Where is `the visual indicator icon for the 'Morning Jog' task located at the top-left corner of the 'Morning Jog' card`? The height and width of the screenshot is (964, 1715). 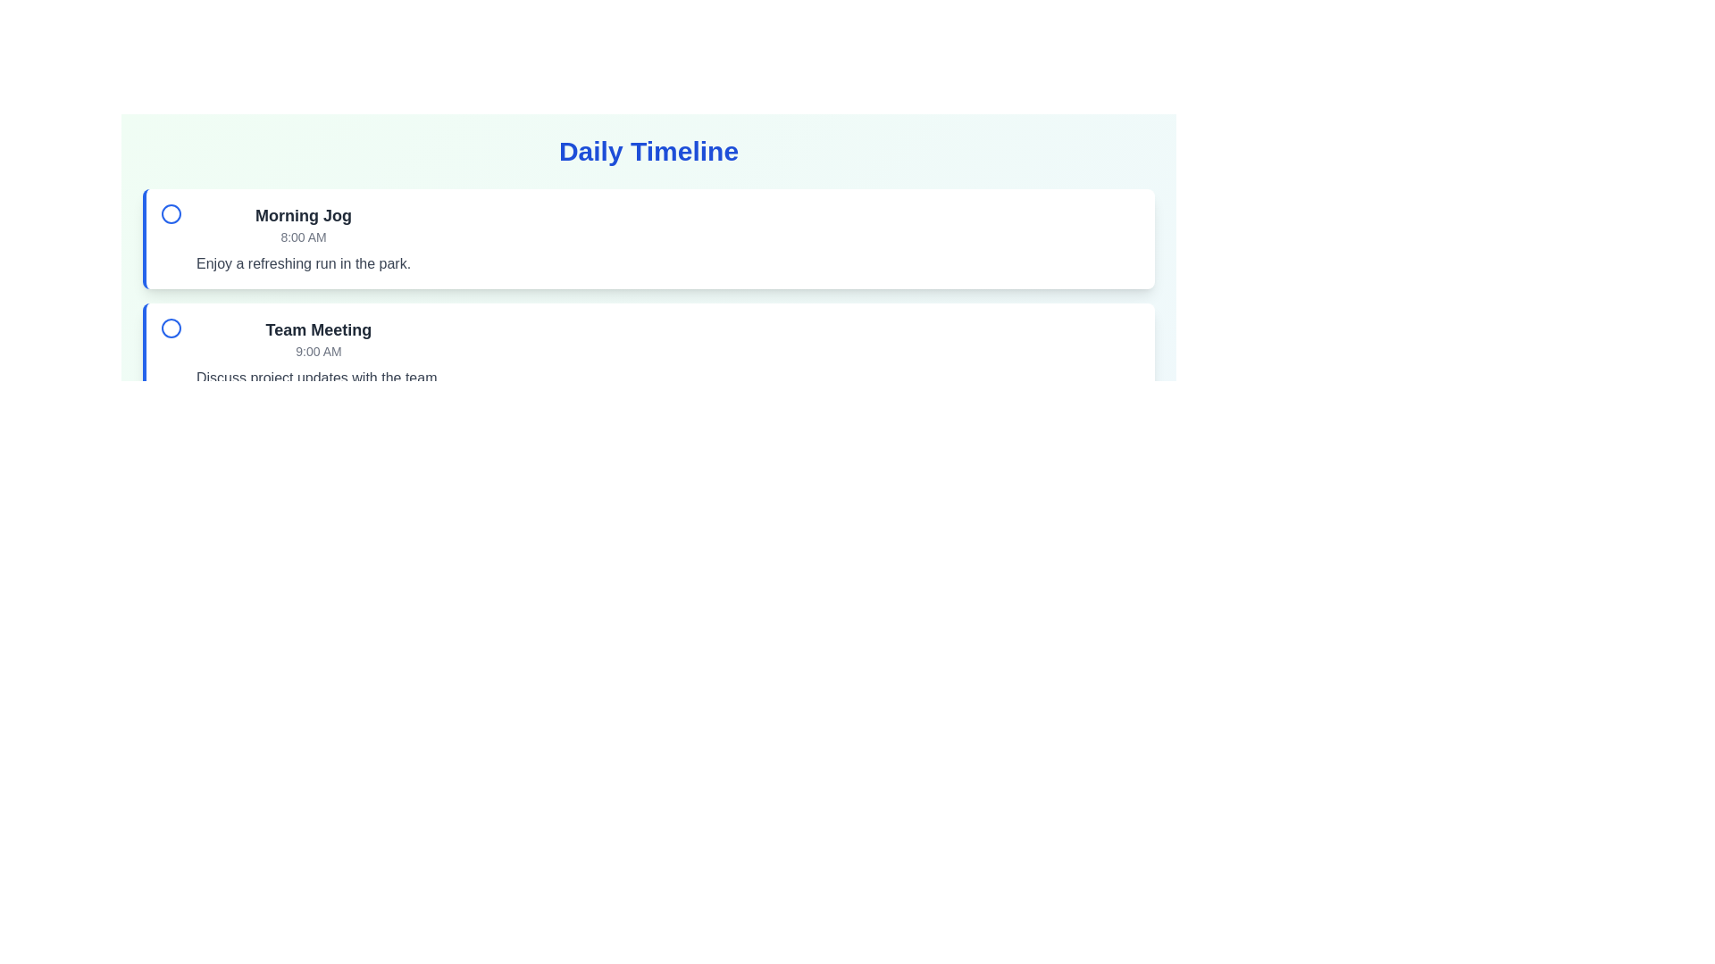
the visual indicator icon for the 'Morning Jog' task located at the top-left corner of the 'Morning Jog' card is located at coordinates (171, 212).